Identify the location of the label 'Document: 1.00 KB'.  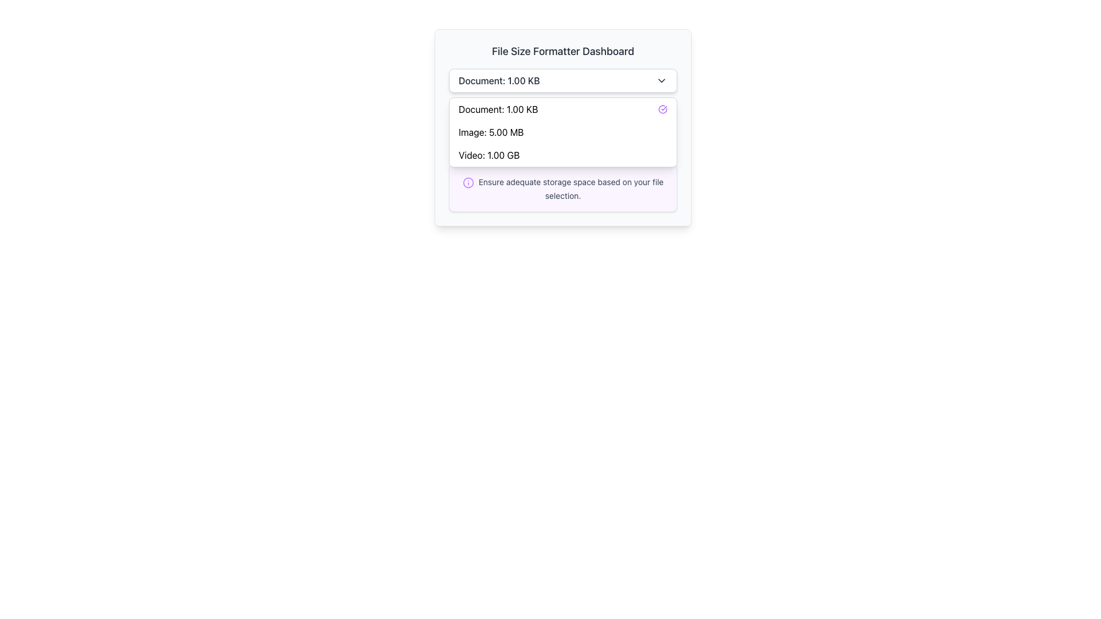
(498, 109).